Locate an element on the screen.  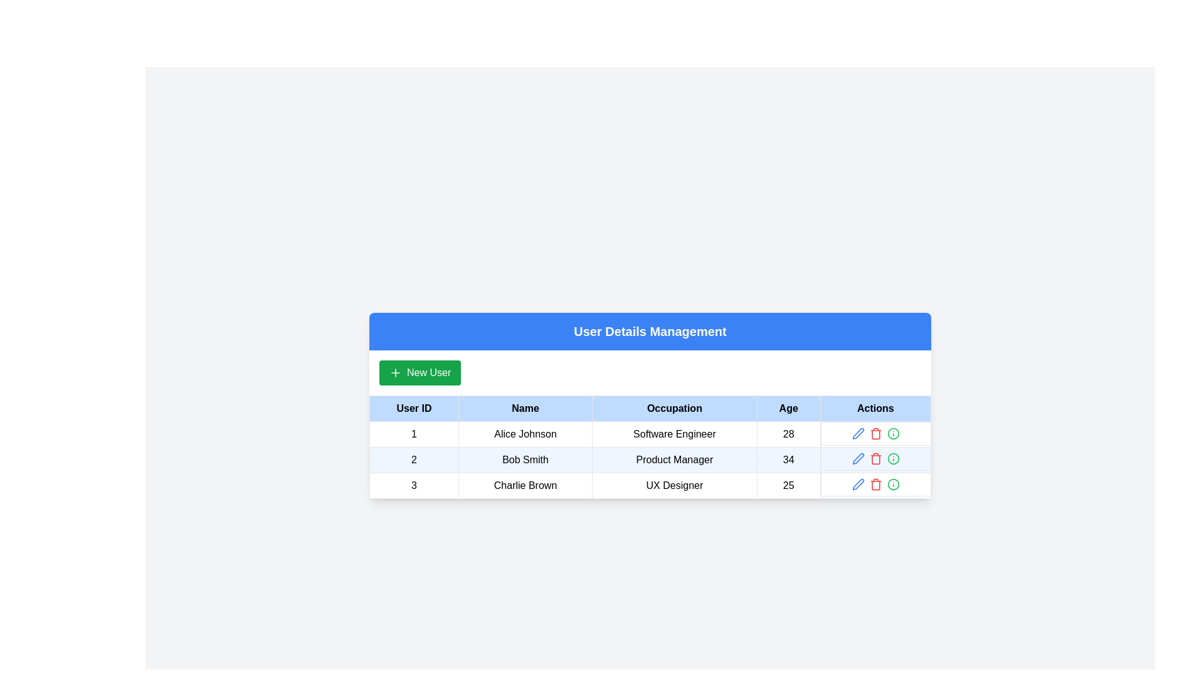
the circular element with a green stroke that is part of the 'info' icon in the user management table's third row is located at coordinates (892, 483).